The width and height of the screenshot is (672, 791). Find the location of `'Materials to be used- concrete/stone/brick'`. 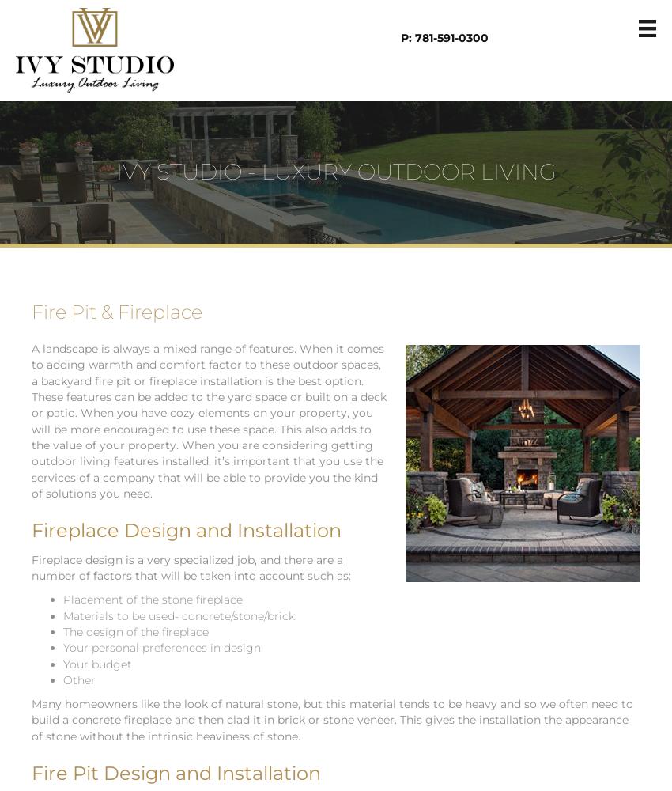

'Materials to be used- concrete/stone/brick' is located at coordinates (179, 615).